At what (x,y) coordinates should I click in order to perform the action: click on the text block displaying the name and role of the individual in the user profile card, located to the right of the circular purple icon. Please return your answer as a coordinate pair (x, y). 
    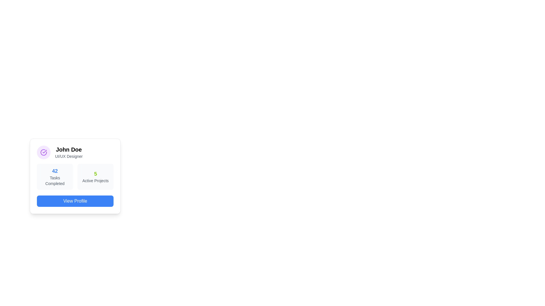
    Looking at the image, I should click on (68, 152).